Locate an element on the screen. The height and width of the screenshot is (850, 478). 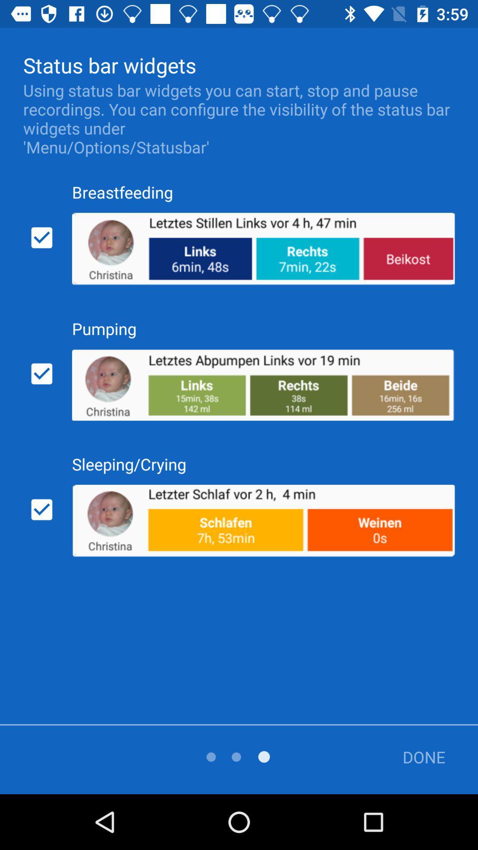
visibility of status bar widgets is located at coordinates (42, 238).